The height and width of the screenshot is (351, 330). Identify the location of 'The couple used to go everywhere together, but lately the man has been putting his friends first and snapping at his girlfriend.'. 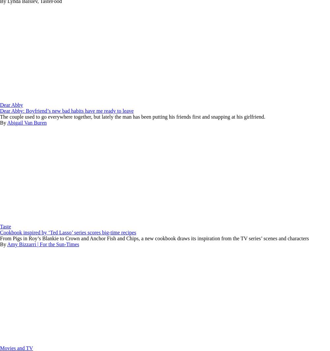
(133, 116).